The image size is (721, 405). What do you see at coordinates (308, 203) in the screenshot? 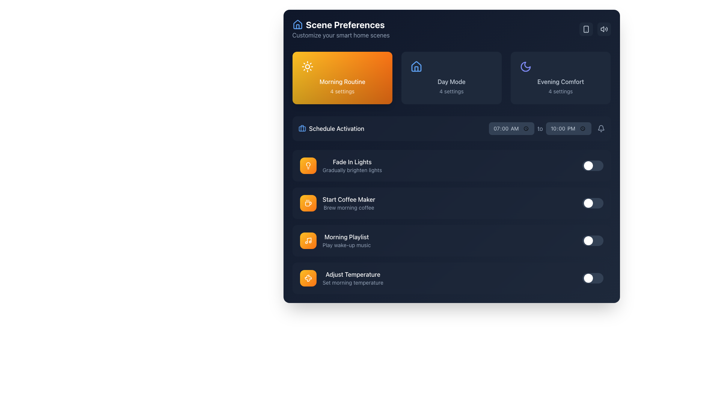
I see `the stylized coffee cup icon located within the second button of the vertical list under the 'Morning Routine' section` at bounding box center [308, 203].